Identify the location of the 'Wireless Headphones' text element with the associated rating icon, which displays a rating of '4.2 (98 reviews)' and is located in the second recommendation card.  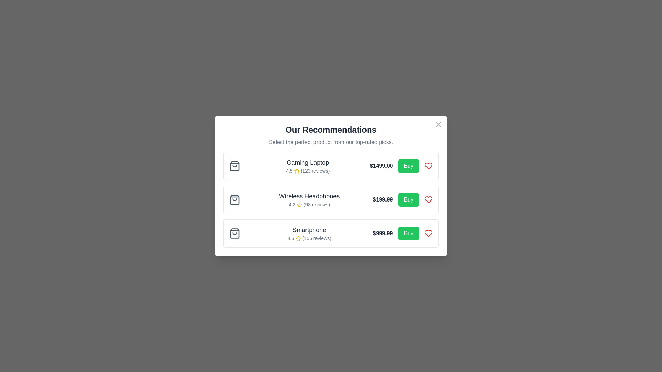
(309, 199).